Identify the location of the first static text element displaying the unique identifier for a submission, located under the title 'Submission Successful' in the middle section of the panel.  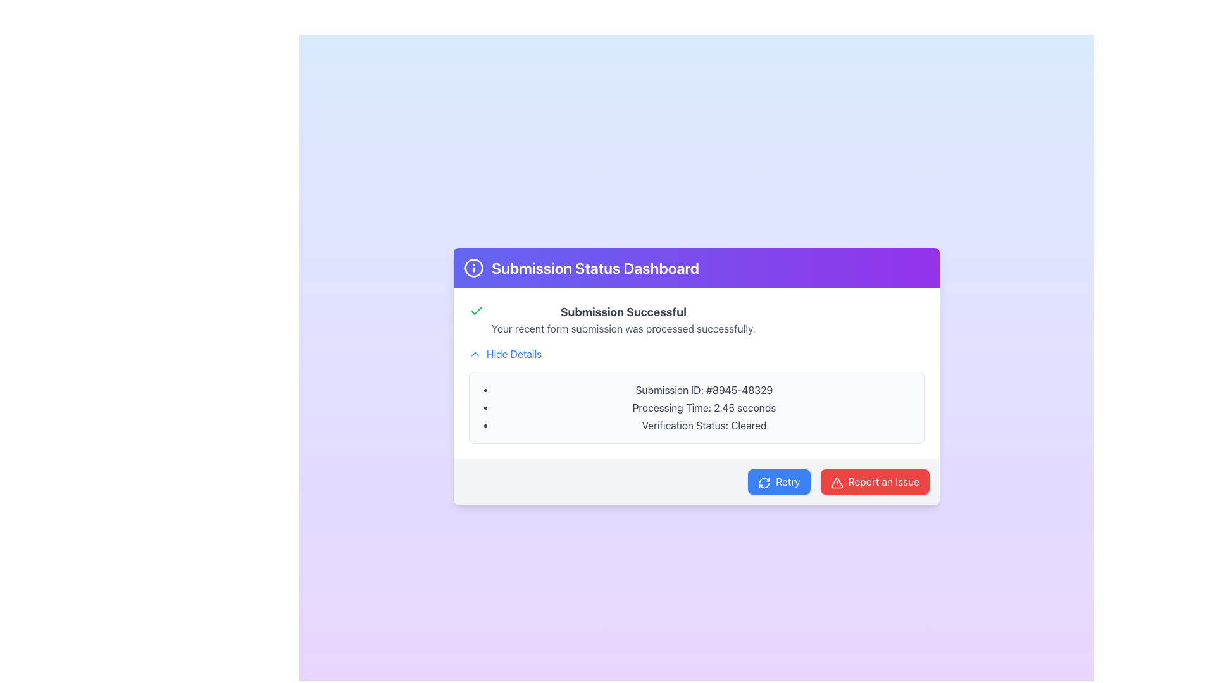
(704, 390).